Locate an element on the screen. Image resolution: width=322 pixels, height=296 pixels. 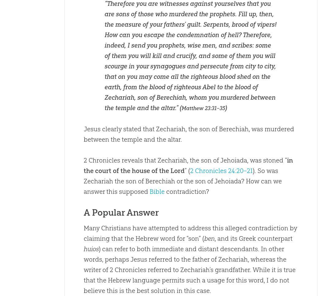
'contradiction?' is located at coordinates (186, 191).